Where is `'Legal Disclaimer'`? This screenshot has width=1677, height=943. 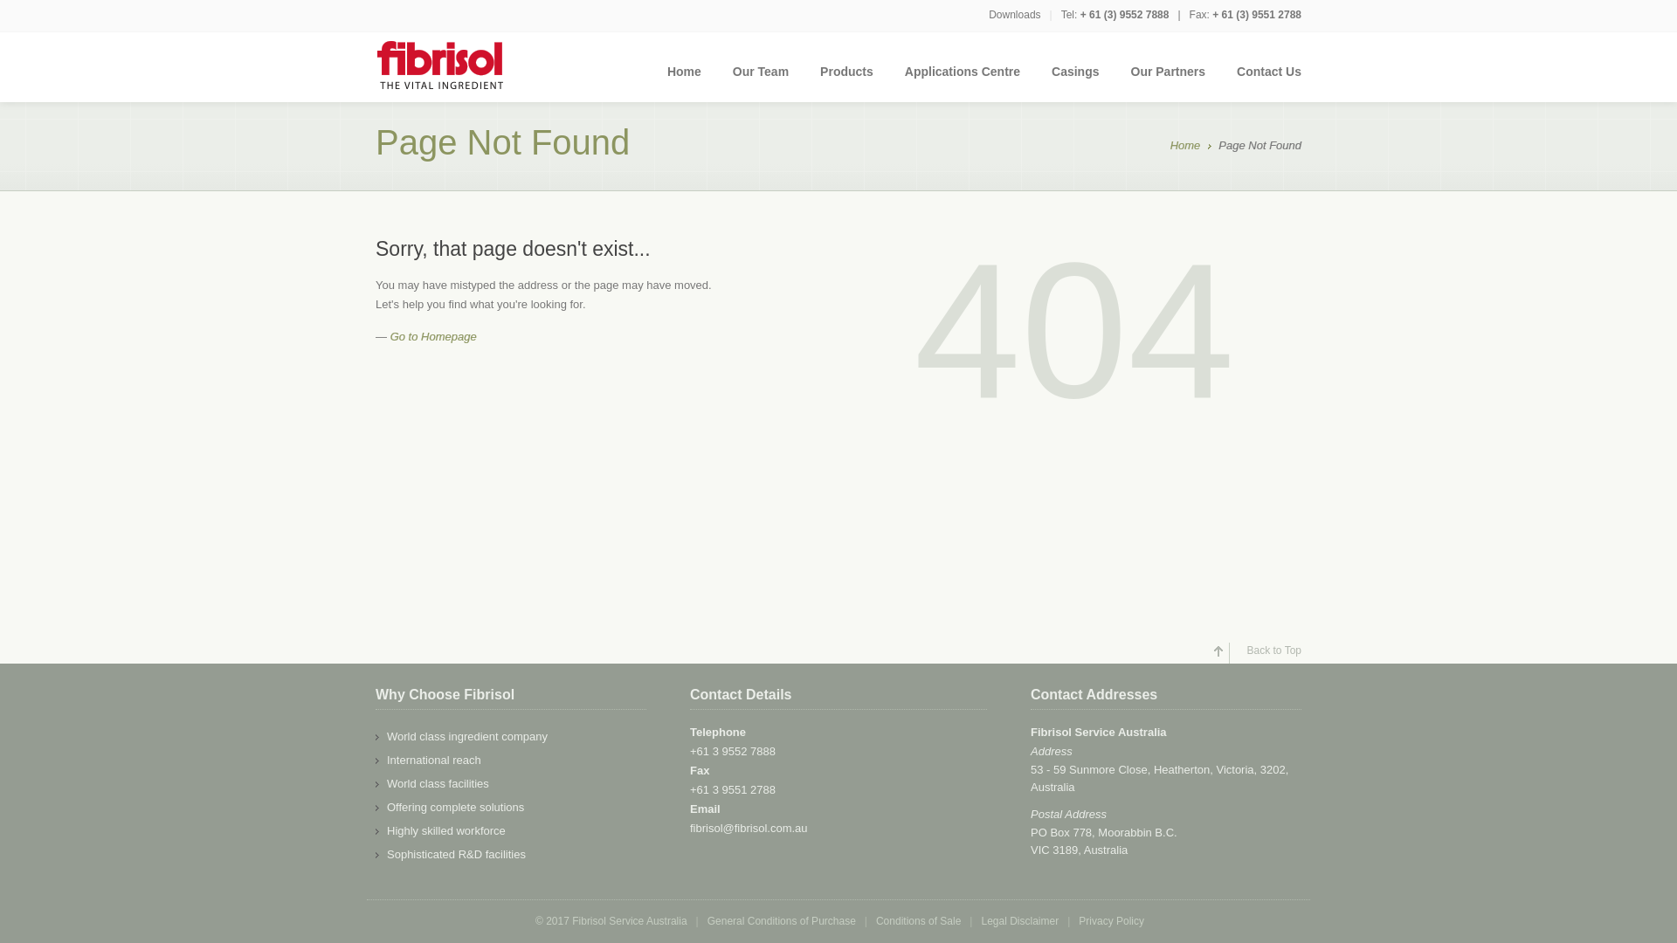
'Legal Disclaimer' is located at coordinates (1019, 920).